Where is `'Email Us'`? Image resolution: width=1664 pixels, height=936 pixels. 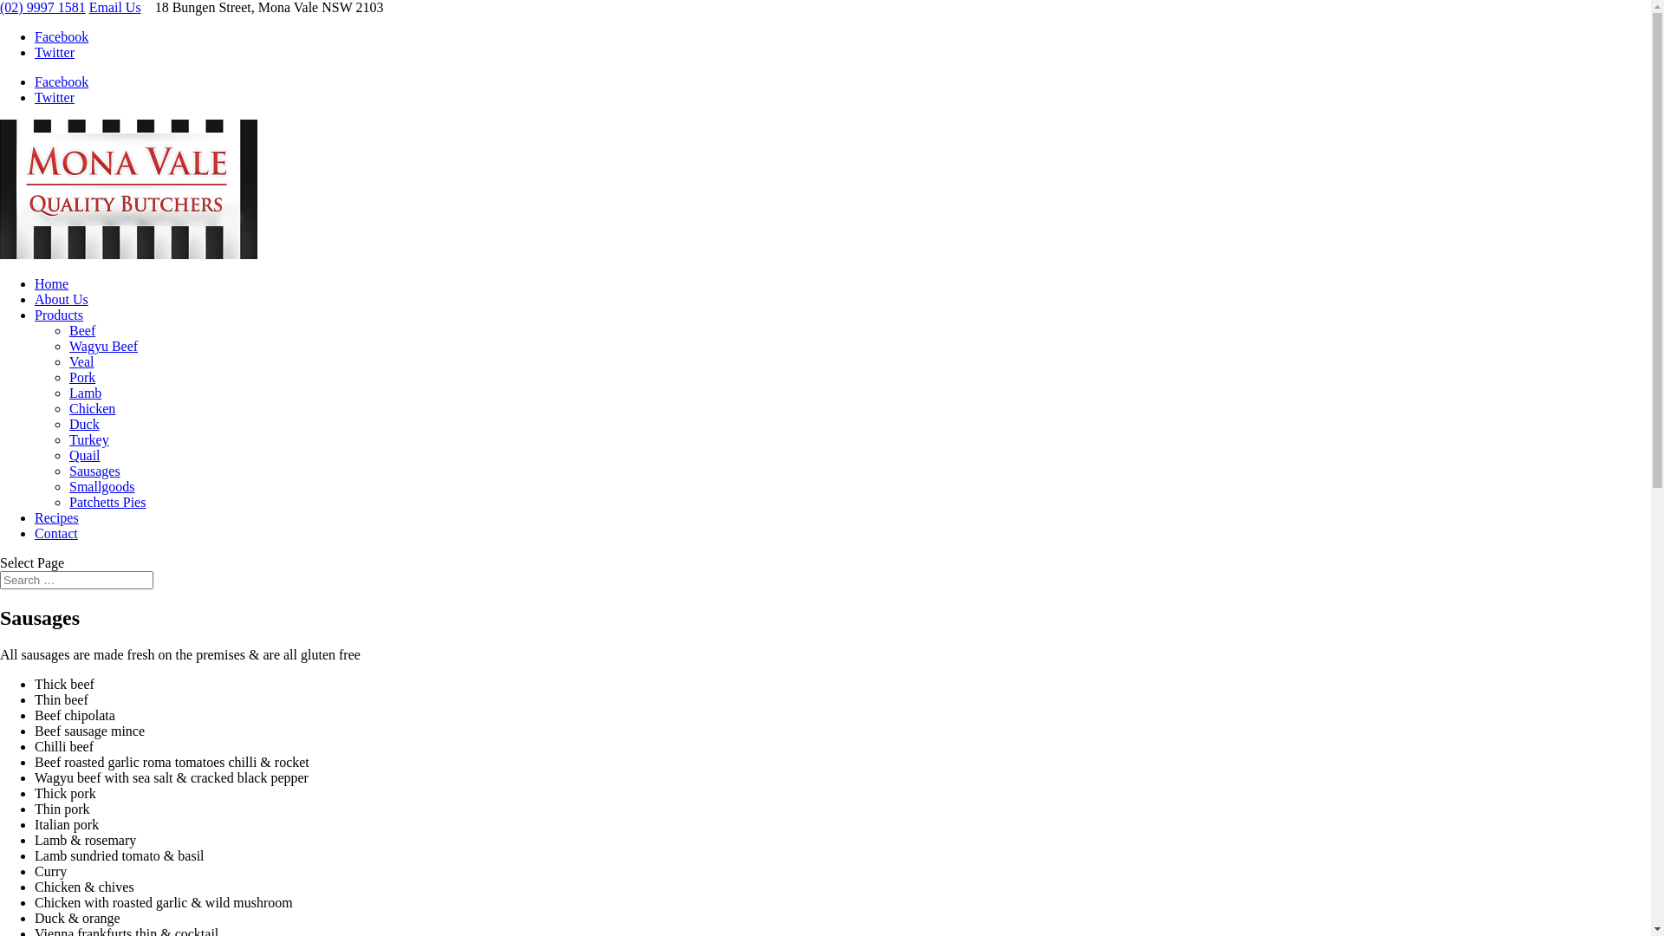 'Email Us' is located at coordinates (88, 7).